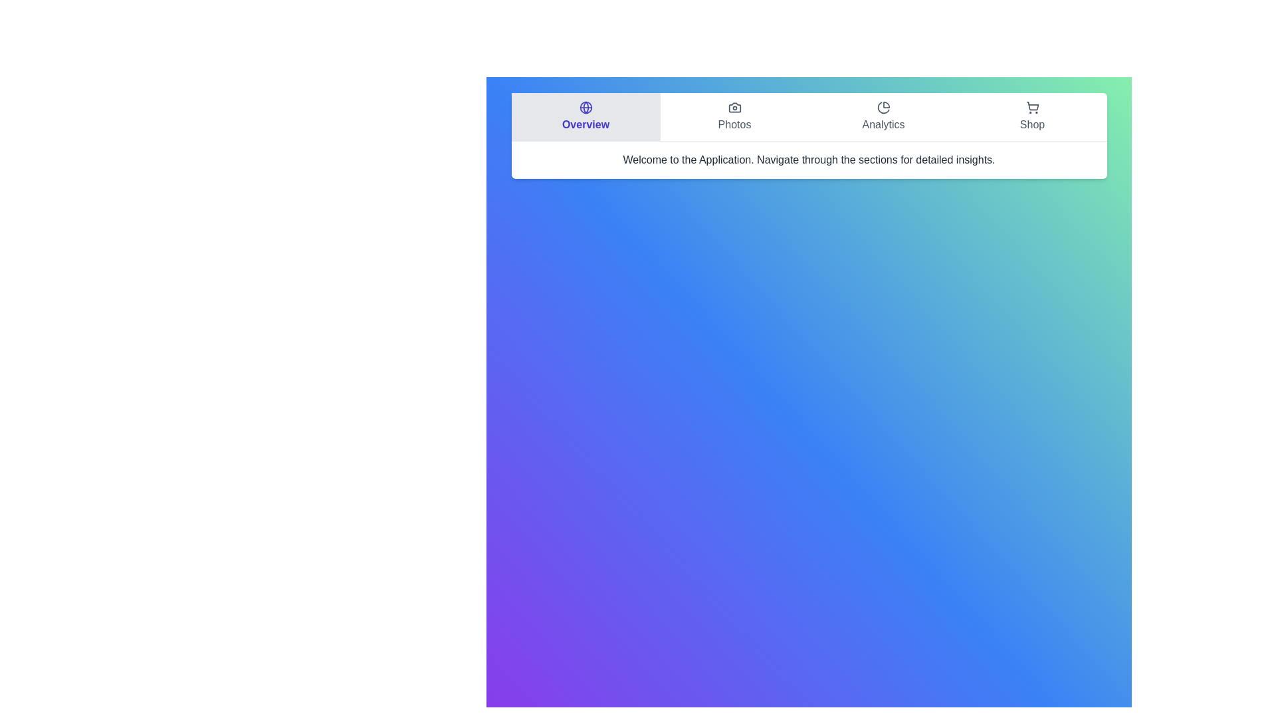 Image resolution: width=1276 pixels, height=718 pixels. What do you see at coordinates (1031, 116) in the screenshot?
I see `the 'Shop' button with a shopping cart icon located at the far right of the navigation bar` at bounding box center [1031, 116].